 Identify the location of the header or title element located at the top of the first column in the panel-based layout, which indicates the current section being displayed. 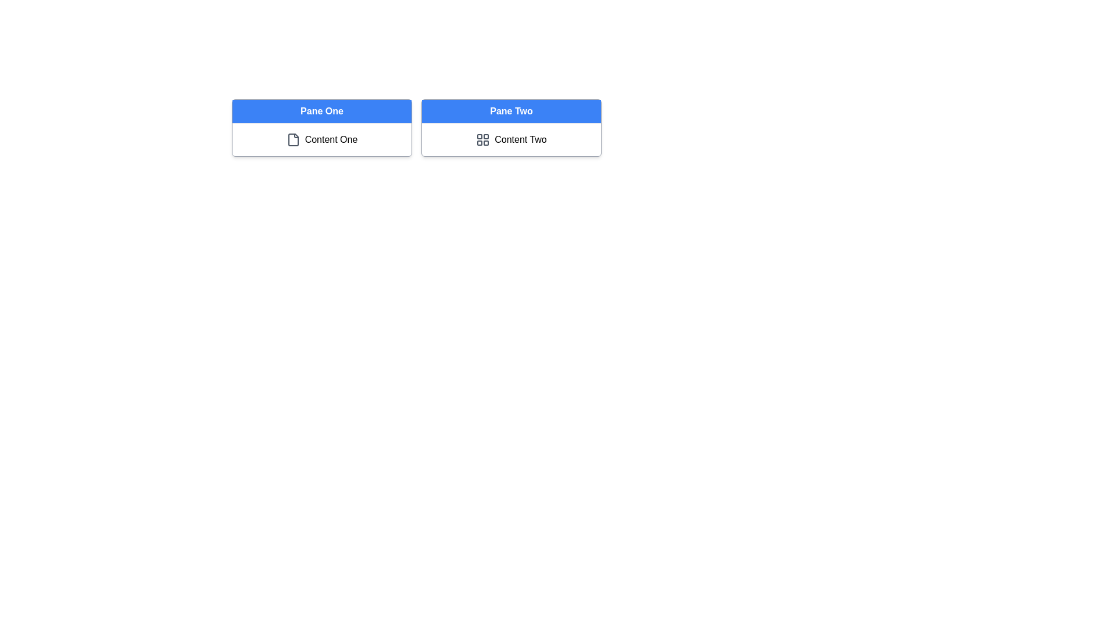
(321, 111).